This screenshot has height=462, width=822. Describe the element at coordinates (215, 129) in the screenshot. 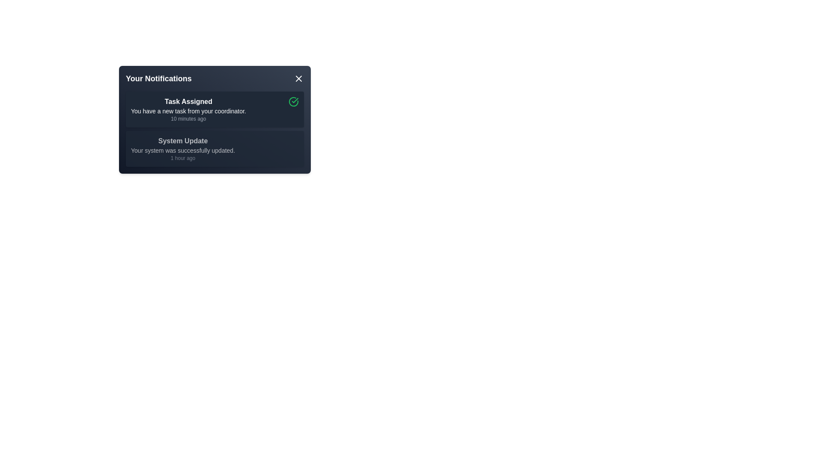

I see `the Notification List located below the title 'Your Notifications'` at that location.